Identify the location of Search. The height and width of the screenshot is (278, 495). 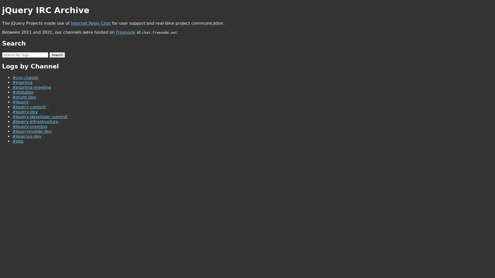
(57, 55).